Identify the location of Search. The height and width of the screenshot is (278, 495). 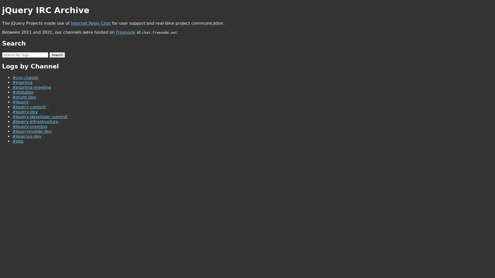
(57, 55).